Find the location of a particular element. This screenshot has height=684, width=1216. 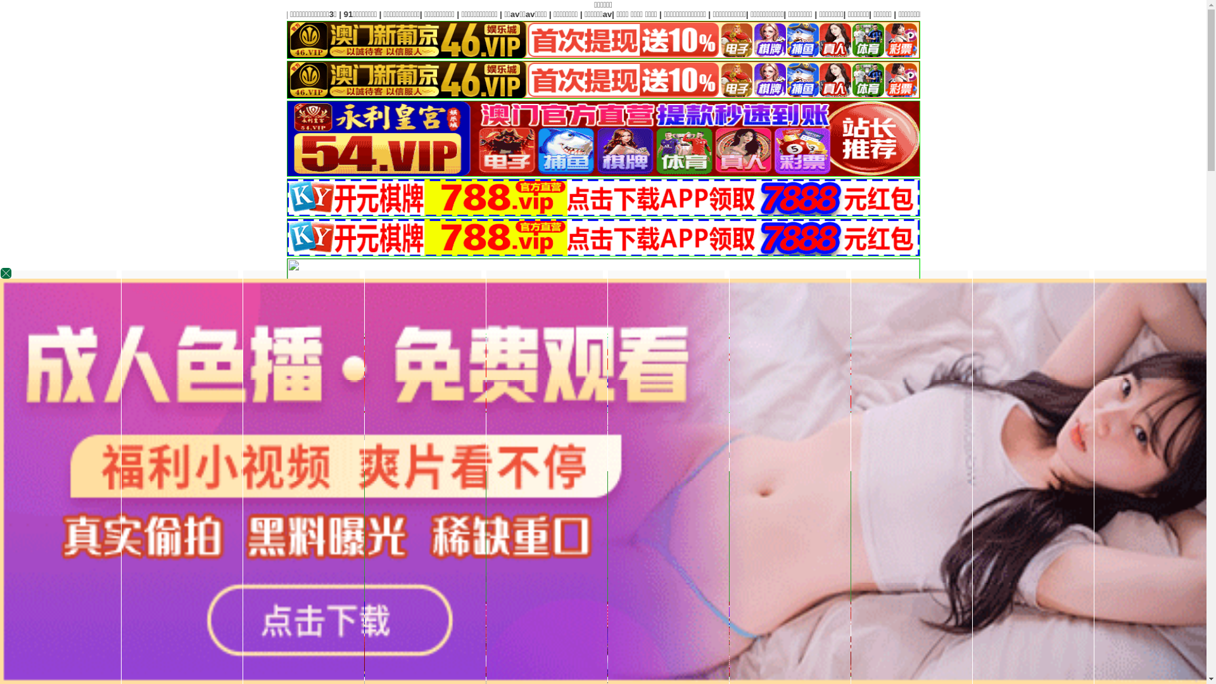

'|' is located at coordinates (908, 579).